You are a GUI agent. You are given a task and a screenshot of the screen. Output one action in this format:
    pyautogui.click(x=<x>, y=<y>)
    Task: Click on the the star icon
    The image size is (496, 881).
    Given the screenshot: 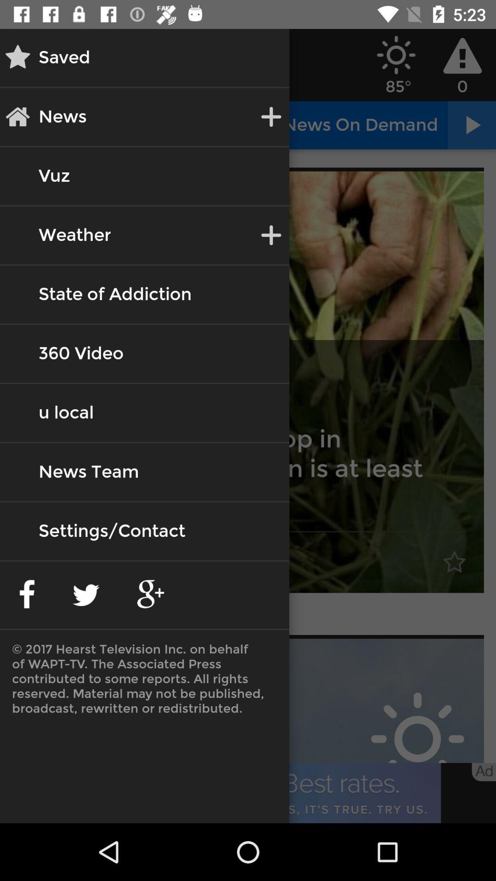 What is the action you would take?
    pyautogui.click(x=33, y=62)
    